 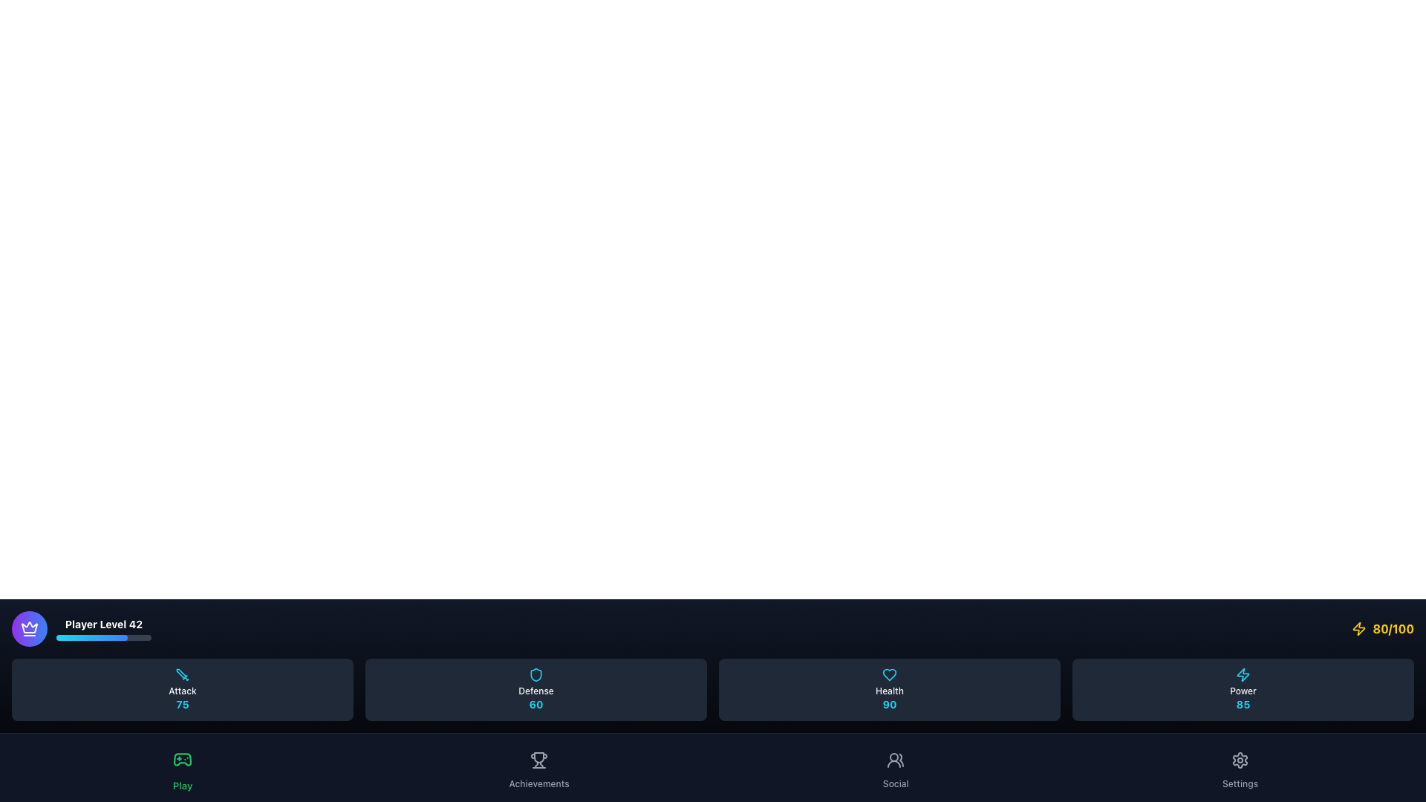 What do you see at coordinates (535, 675) in the screenshot?
I see `the cyan-colored shield icon located under the title 'Defense' and above the number '60'` at bounding box center [535, 675].